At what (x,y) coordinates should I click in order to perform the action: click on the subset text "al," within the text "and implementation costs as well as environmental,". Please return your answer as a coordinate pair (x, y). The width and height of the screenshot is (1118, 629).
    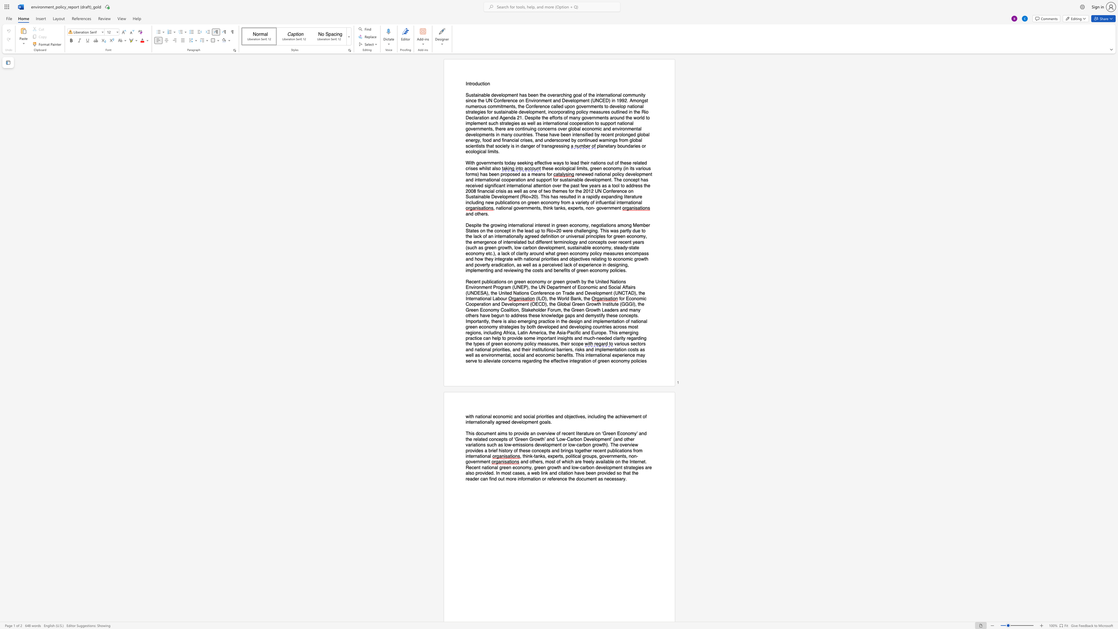
    Looking at the image, I should click on (506, 355).